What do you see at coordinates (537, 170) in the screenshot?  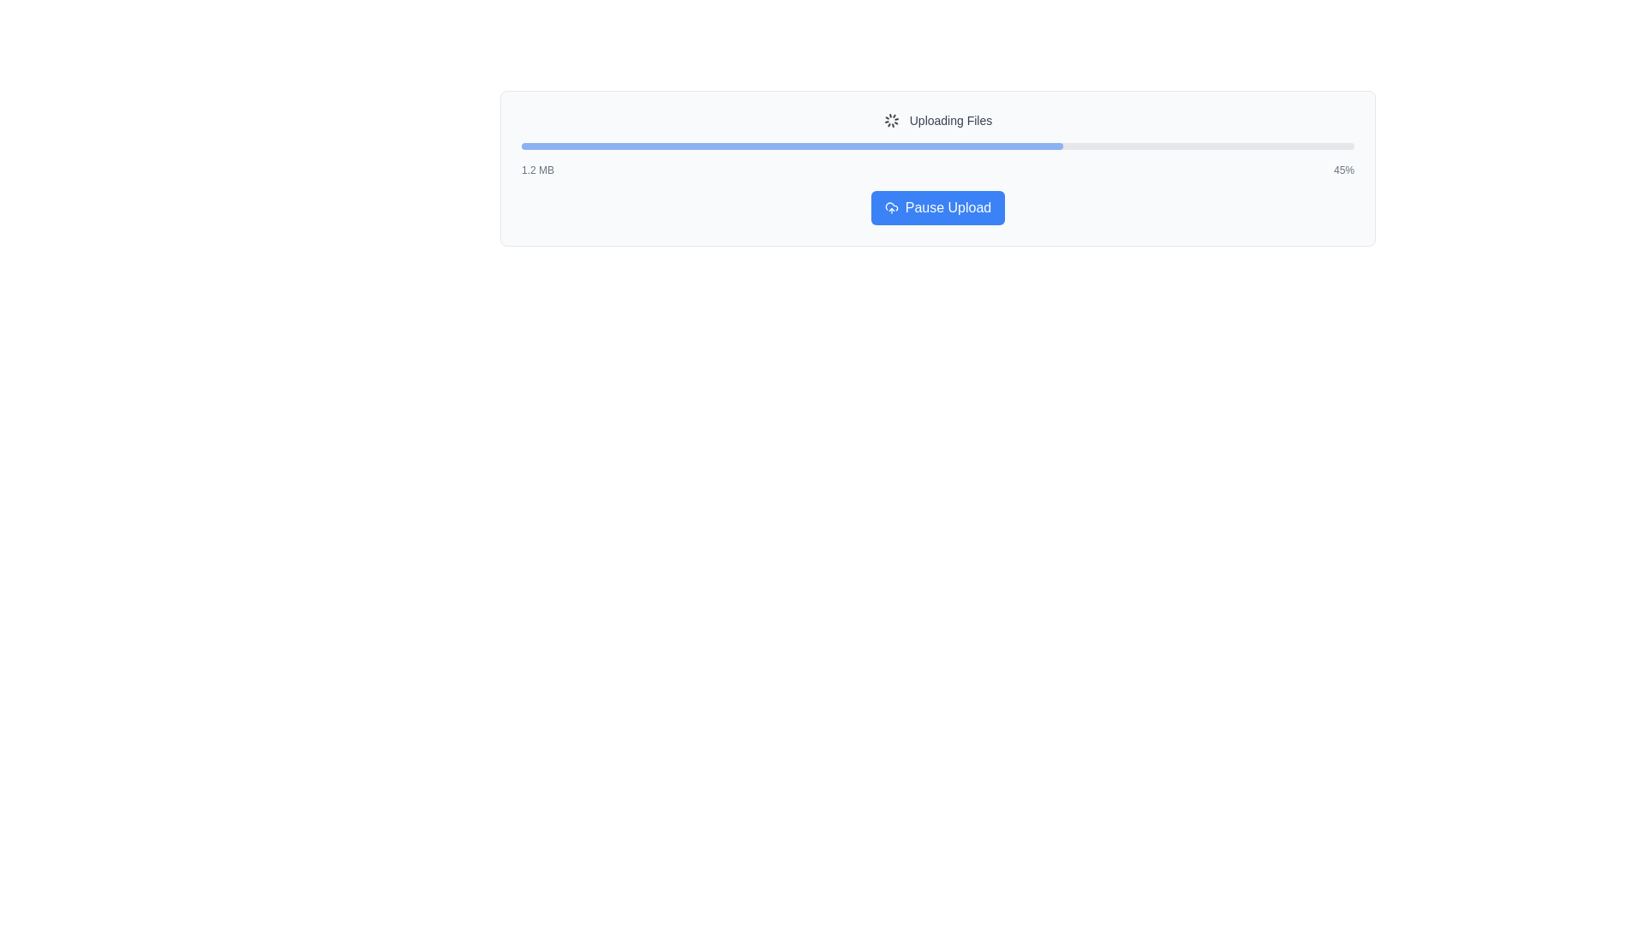 I see `the text label displaying '1.2 MB', which is styled in gray color and is part of the file upload status bar interface` at bounding box center [537, 170].